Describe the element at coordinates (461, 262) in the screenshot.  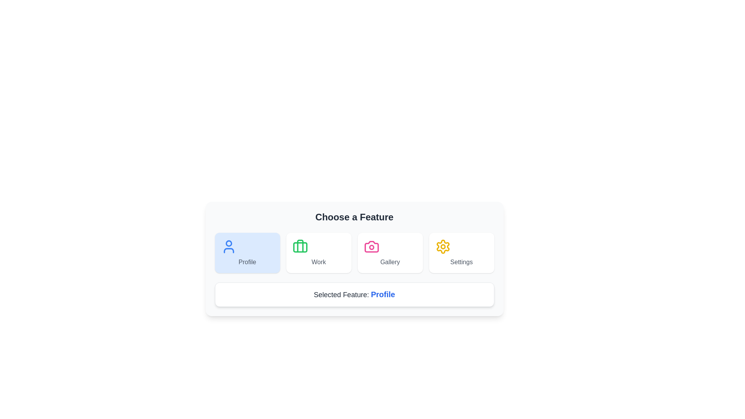
I see `the 'Settings' text label, which is positioned underneath a yellow cogwheel icon within a rectangular card on the far right of a horizontally aligned group of selectable items` at that location.